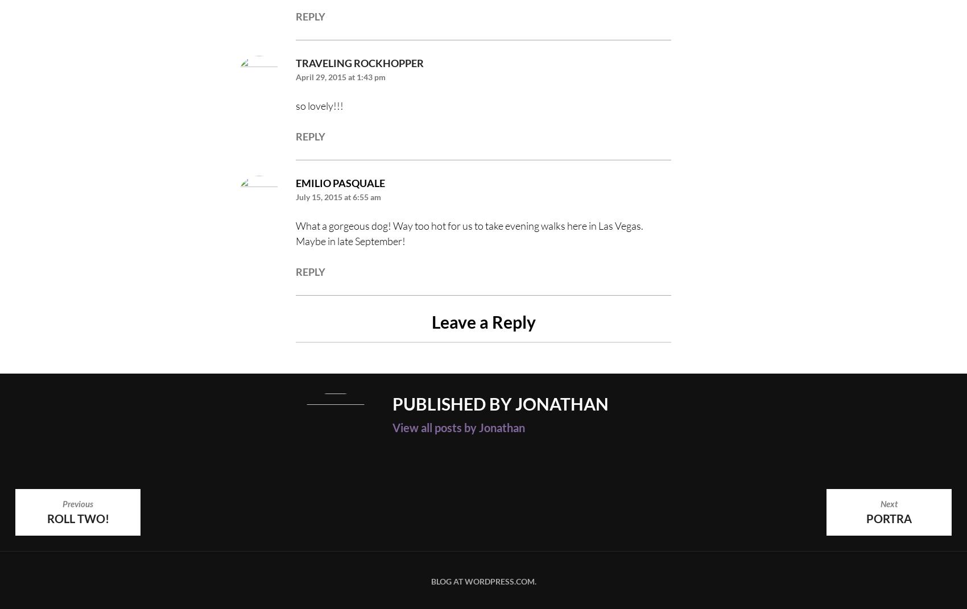  What do you see at coordinates (338, 196) in the screenshot?
I see `'July 15, 2015 at 6:55 am'` at bounding box center [338, 196].